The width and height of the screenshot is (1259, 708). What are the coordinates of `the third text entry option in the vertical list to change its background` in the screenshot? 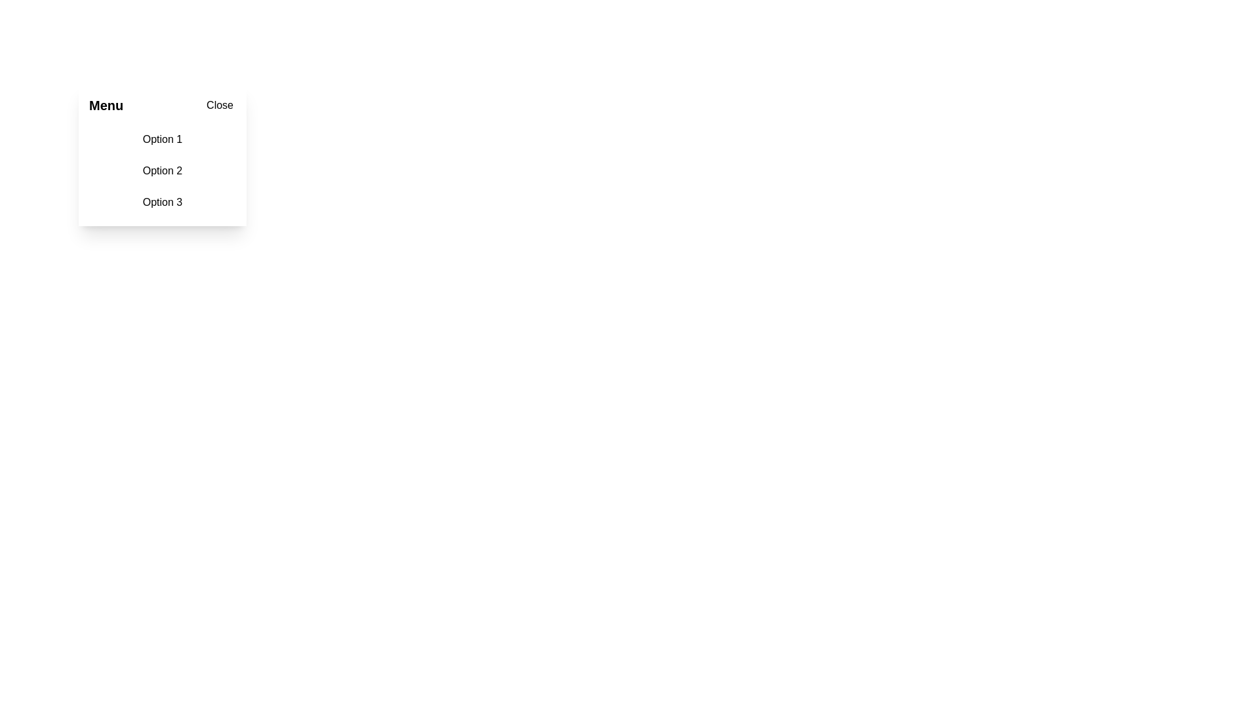 It's located at (162, 202).